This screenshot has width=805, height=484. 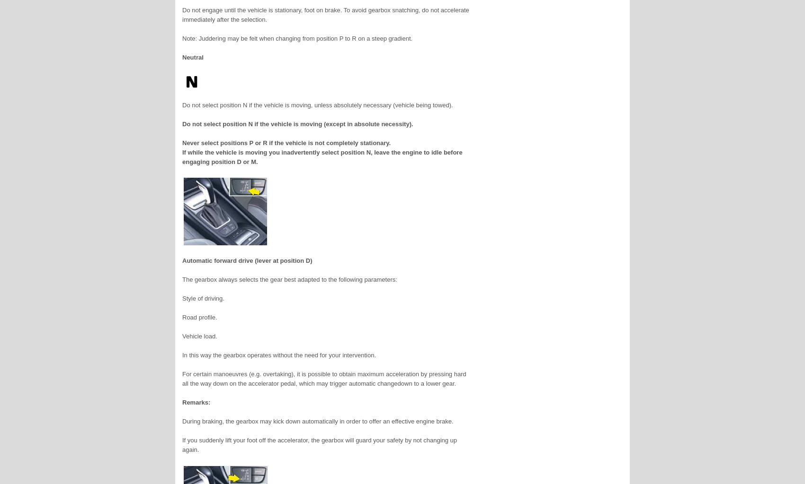 What do you see at coordinates (286, 142) in the screenshot?
I see `'Never select positions P or R if the vehicle is not completely stationary.'` at bounding box center [286, 142].